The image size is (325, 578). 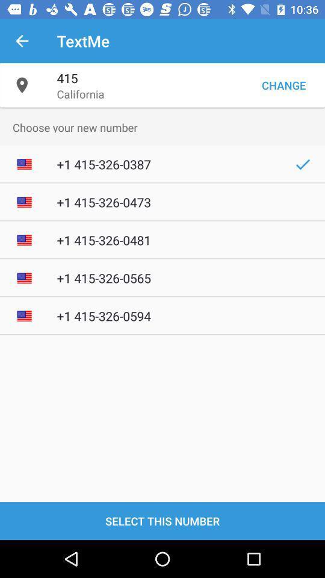 What do you see at coordinates (284, 84) in the screenshot?
I see `change` at bounding box center [284, 84].